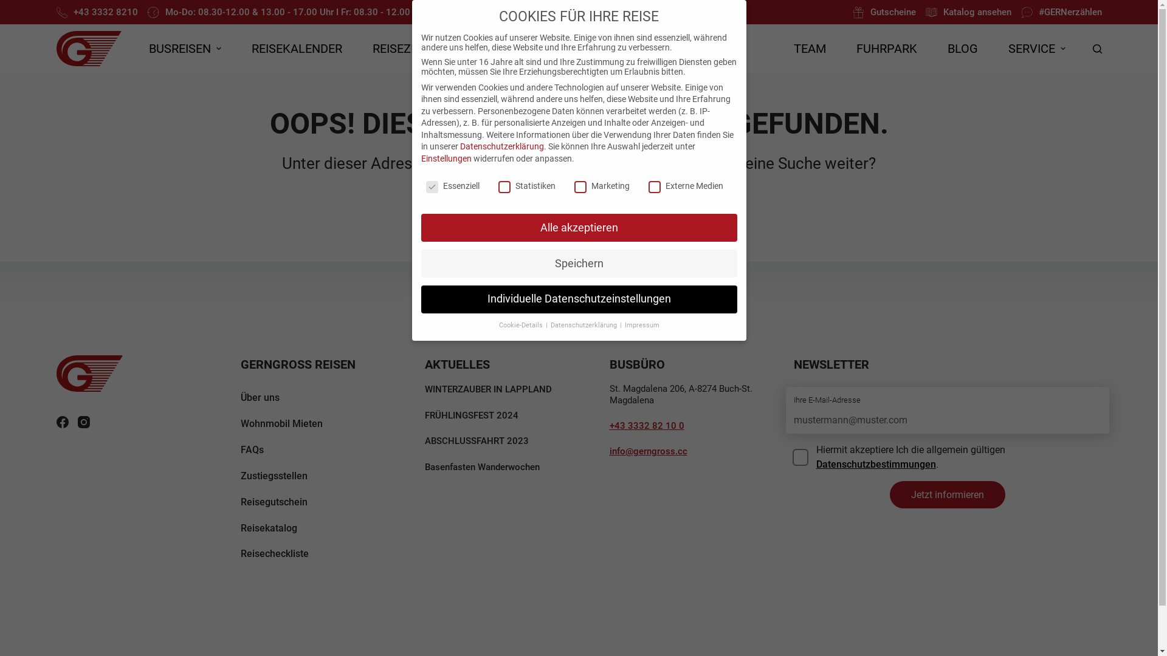 Image resolution: width=1167 pixels, height=656 pixels. I want to click on 'info@gerngross.cc', so click(647, 451).